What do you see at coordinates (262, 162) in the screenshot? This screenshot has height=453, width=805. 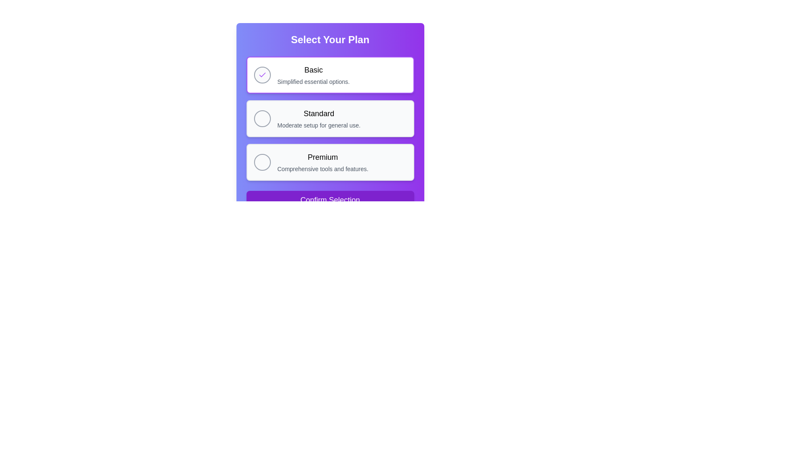 I see `the radio button located on the left side of the 'Premium' plan option` at bounding box center [262, 162].